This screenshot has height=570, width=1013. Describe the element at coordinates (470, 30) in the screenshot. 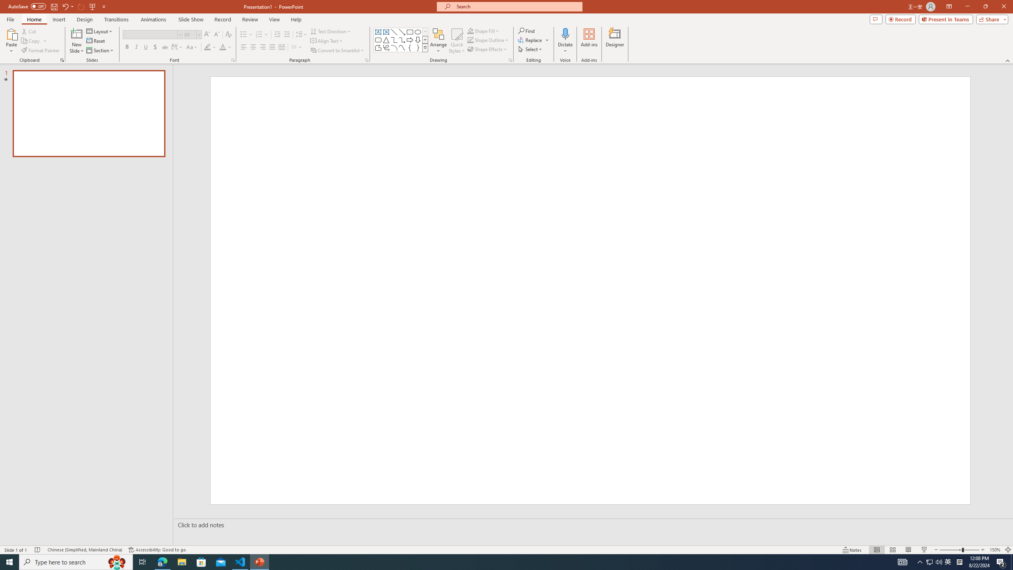

I see `'Shape Fill Orange, Accent 2'` at that location.